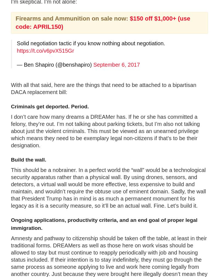  Describe the element at coordinates (103, 22) in the screenshot. I see `'$150 off $1,000+ (use code: APRIL150)'` at that location.